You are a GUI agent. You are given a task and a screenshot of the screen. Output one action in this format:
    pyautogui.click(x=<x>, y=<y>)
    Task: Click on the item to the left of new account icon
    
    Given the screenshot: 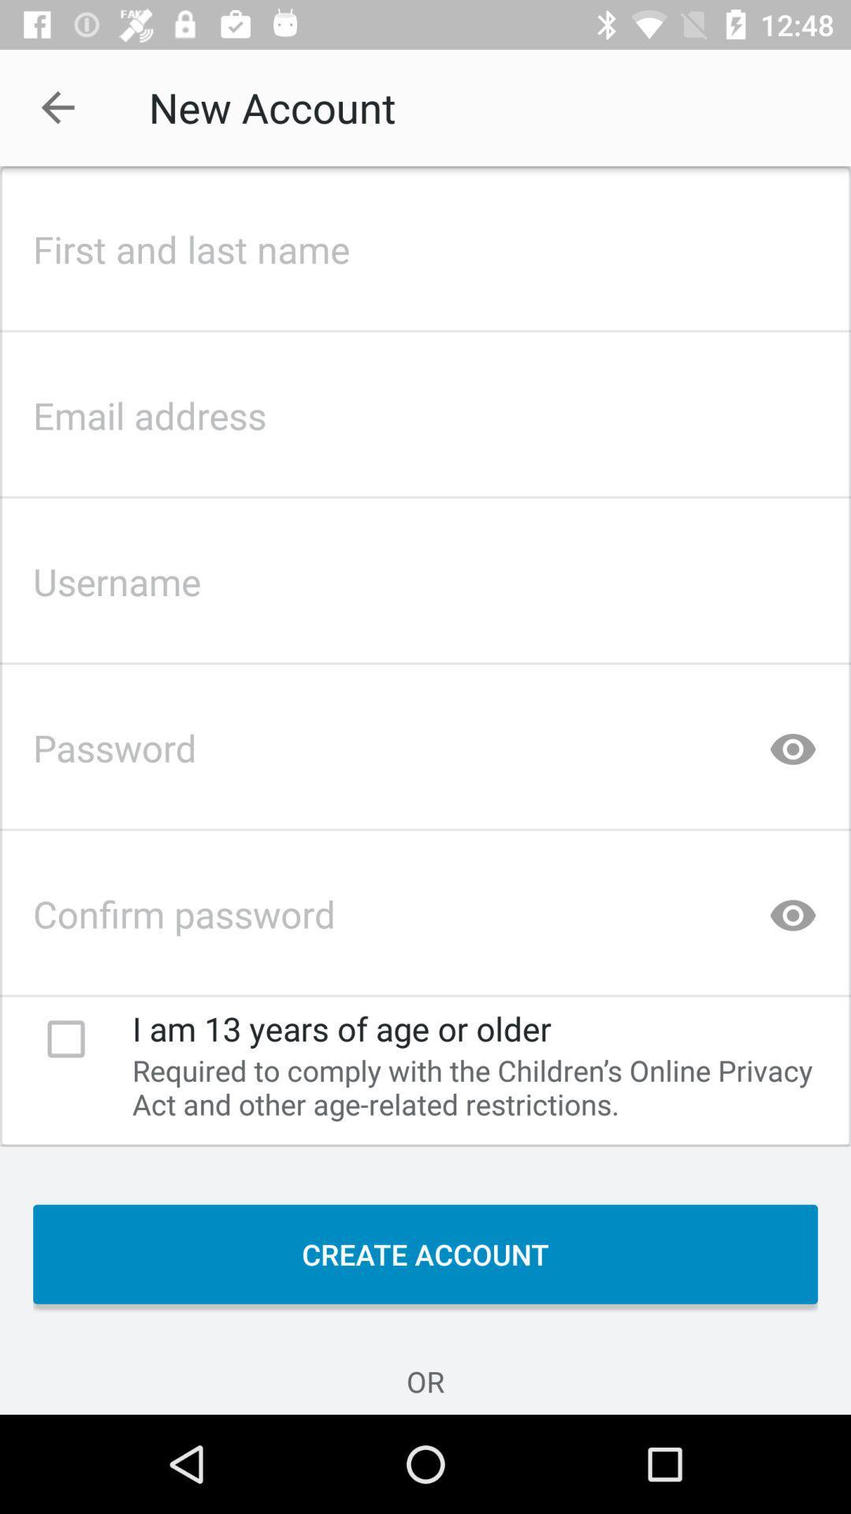 What is the action you would take?
    pyautogui.click(x=57, y=106)
    